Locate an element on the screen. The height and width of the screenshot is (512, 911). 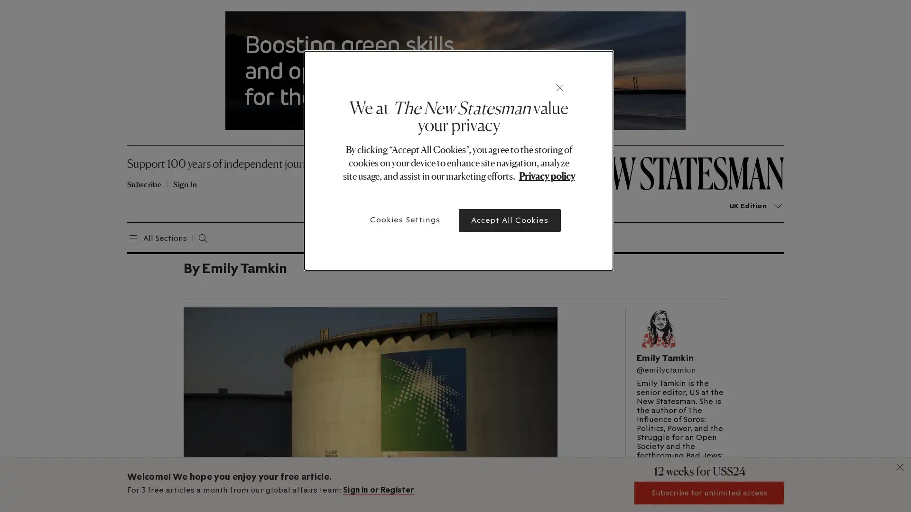
Accept All Cookies is located at coordinates (509, 220).